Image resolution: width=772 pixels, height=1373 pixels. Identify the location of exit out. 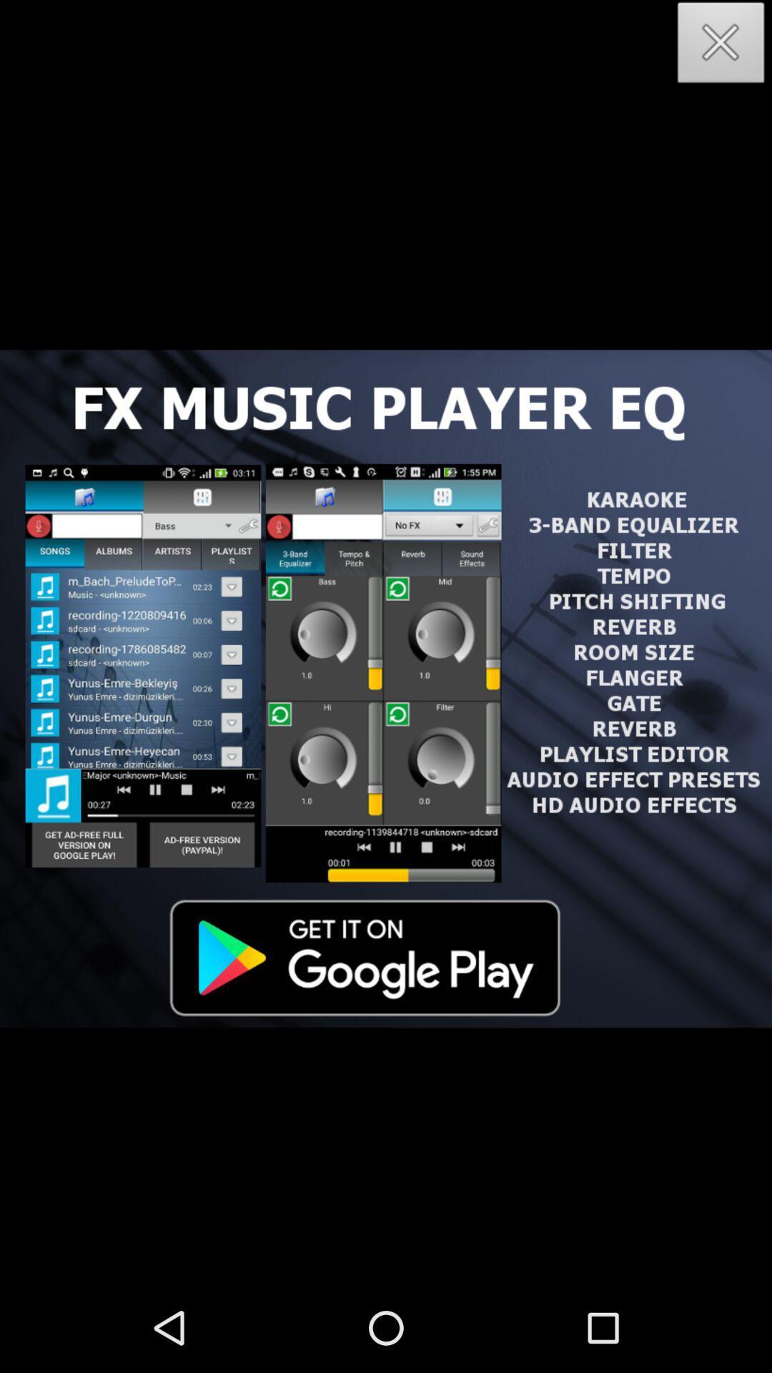
(721, 46).